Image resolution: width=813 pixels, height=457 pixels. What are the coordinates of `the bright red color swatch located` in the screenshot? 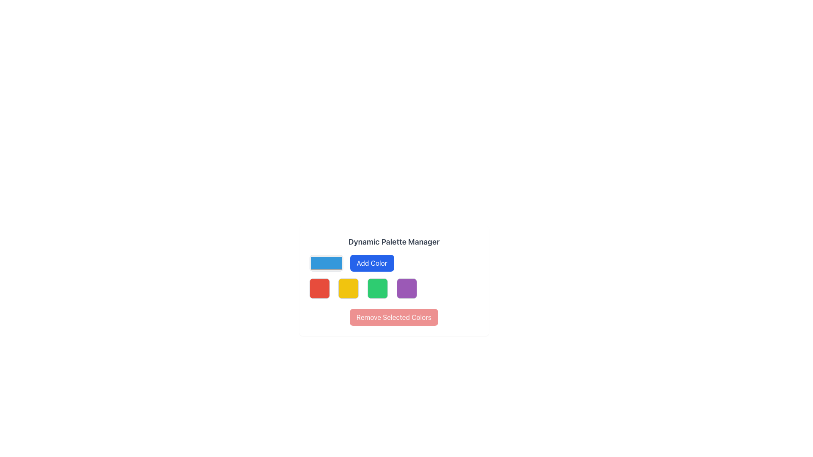 It's located at (319, 288).